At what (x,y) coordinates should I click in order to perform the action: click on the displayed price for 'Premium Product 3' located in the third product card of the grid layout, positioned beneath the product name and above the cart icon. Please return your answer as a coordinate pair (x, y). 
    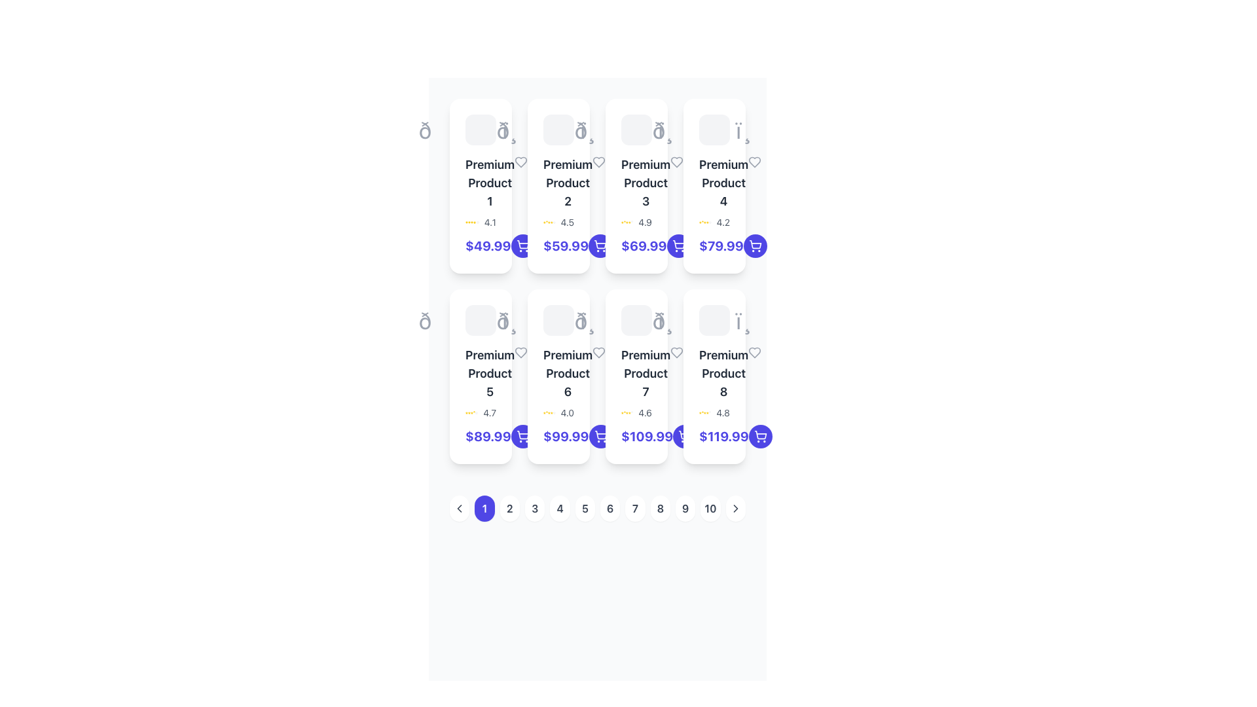
    Looking at the image, I should click on (644, 245).